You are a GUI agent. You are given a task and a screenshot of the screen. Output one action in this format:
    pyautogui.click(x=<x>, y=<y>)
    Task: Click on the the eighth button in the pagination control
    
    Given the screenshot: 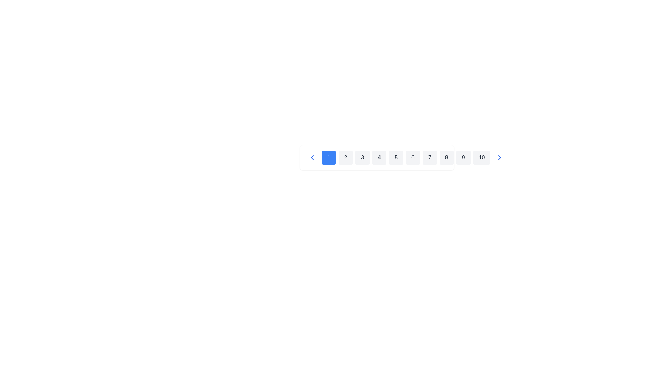 What is the action you would take?
    pyautogui.click(x=447, y=158)
    